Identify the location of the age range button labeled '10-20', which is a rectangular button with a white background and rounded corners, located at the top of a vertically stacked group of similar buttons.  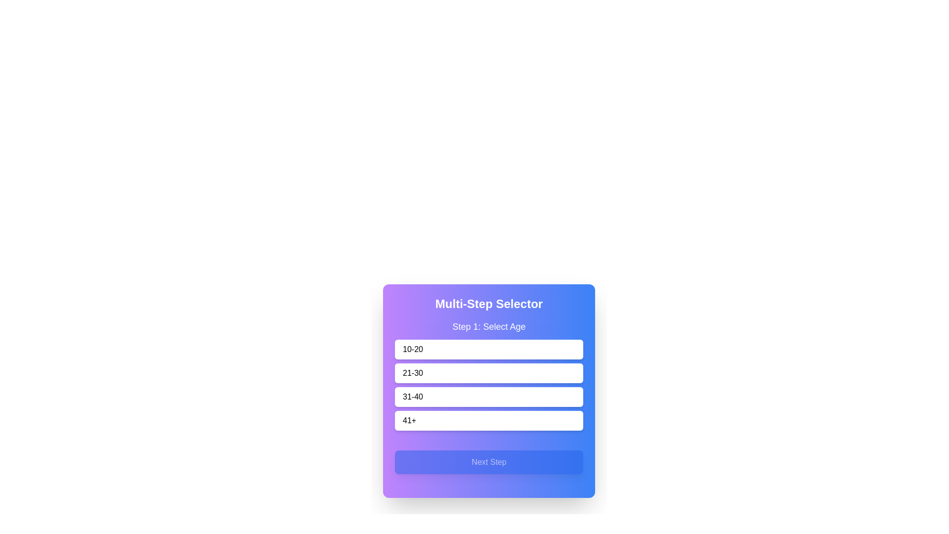
(489, 349).